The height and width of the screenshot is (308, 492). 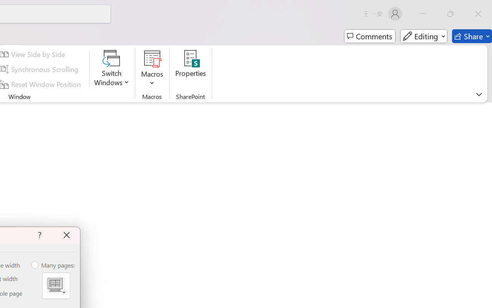 I want to click on 'Comments', so click(x=369, y=36).